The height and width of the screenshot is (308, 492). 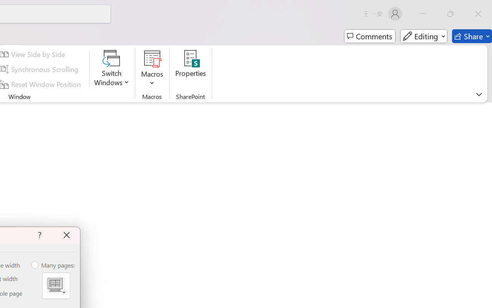 I want to click on 'Comments', so click(x=369, y=36).